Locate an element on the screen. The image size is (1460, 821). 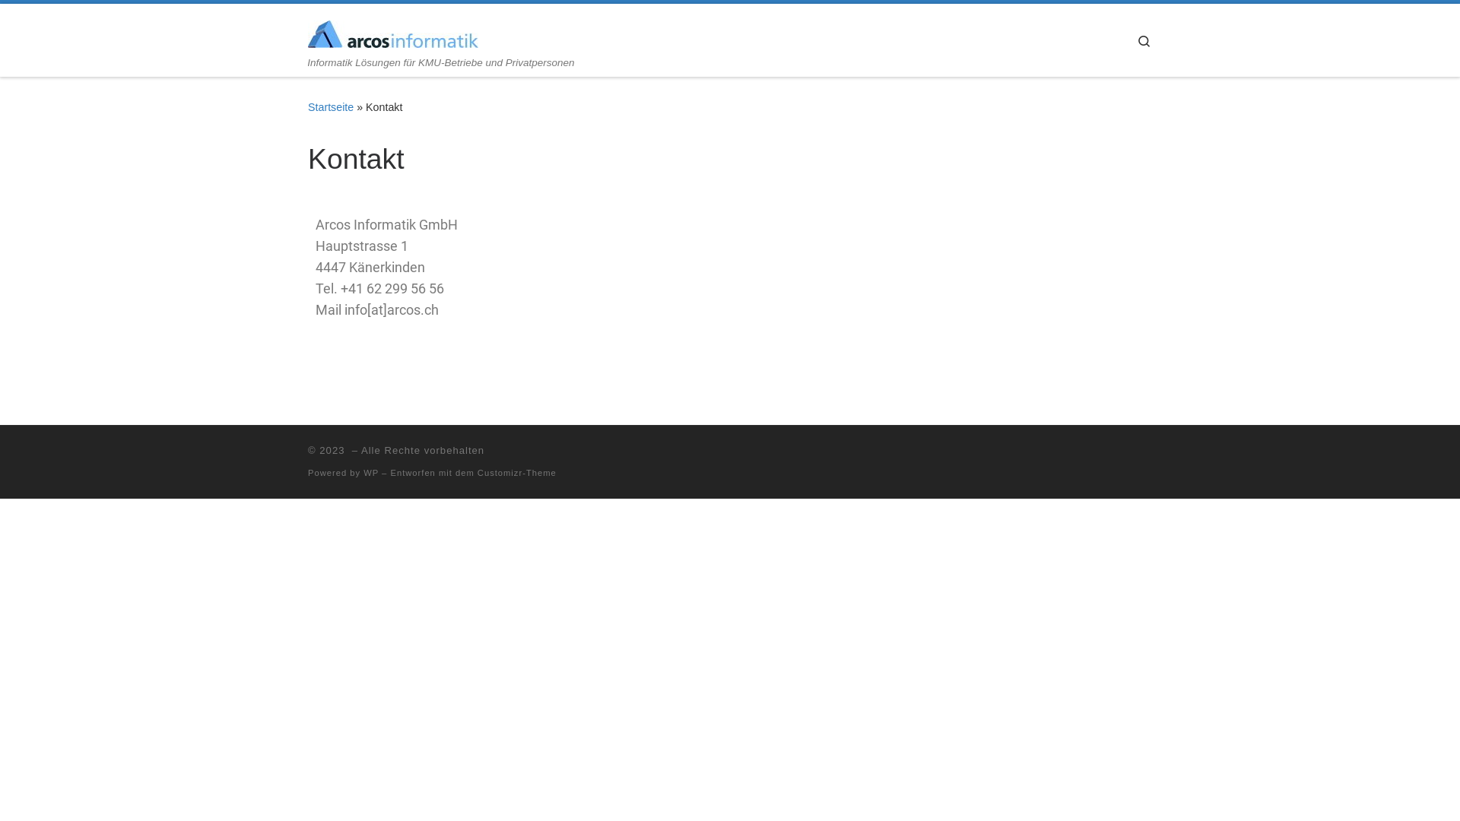
'Startseite' is located at coordinates (330, 106).